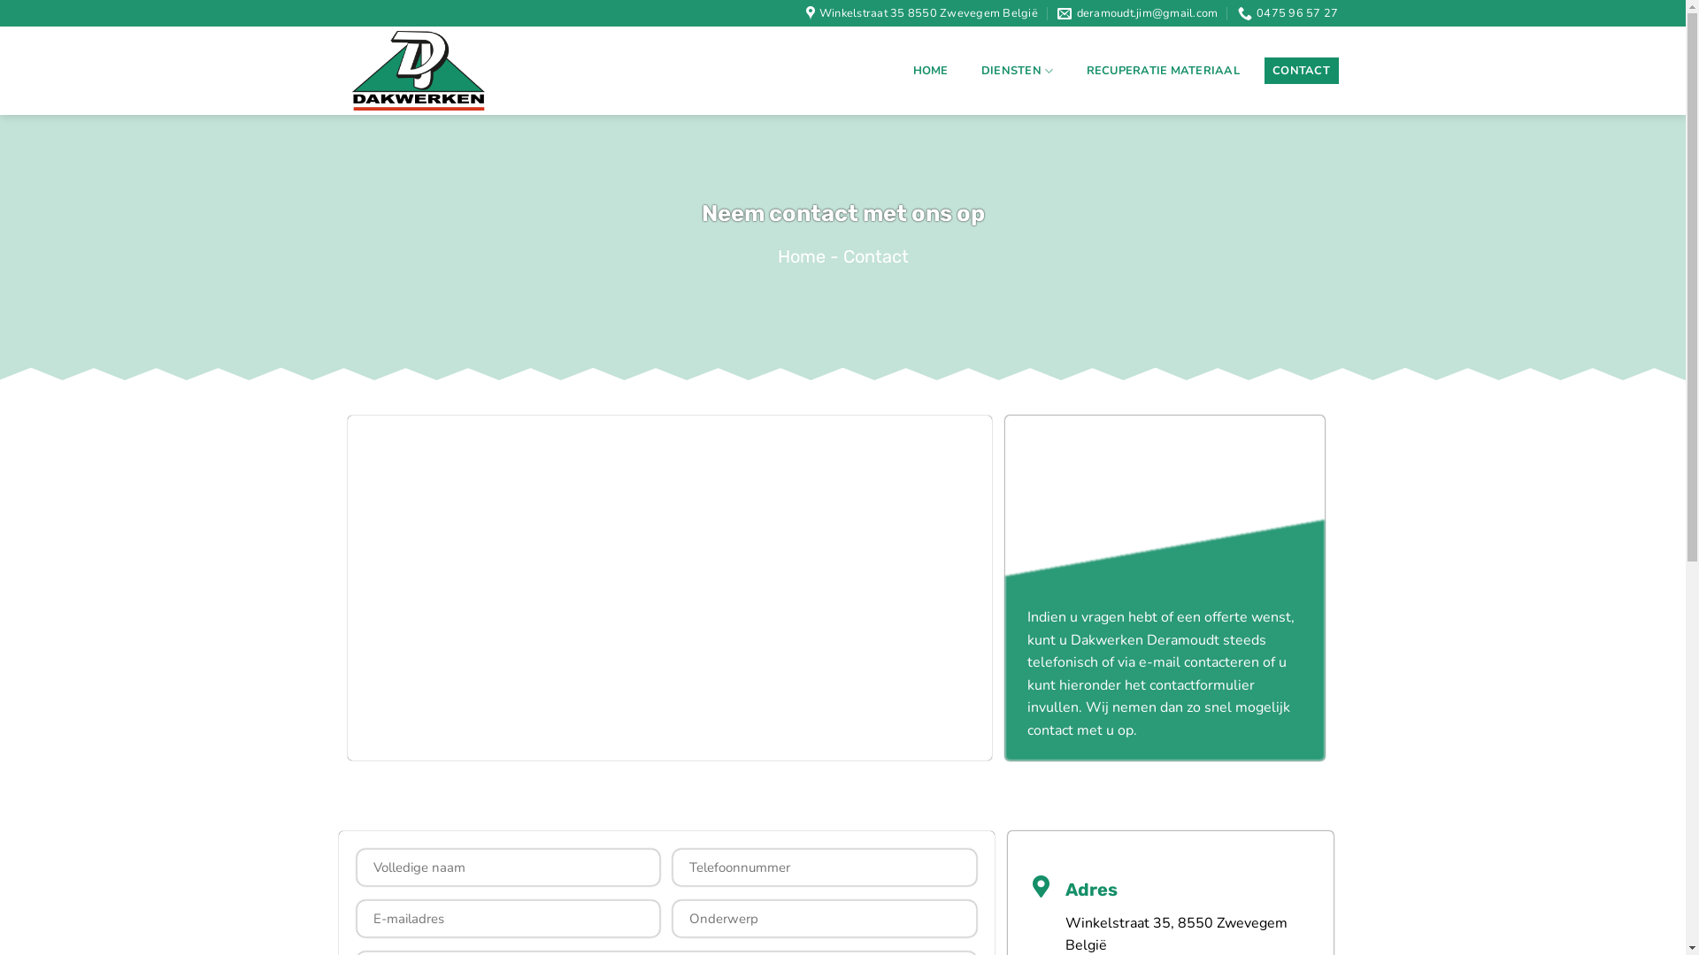 Image resolution: width=1699 pixels, height=955 pixels. Describe the element at coordinates (1163, 70) in the screenshot. I see `'RECUPERATIE MATERIAAL'` at that location.